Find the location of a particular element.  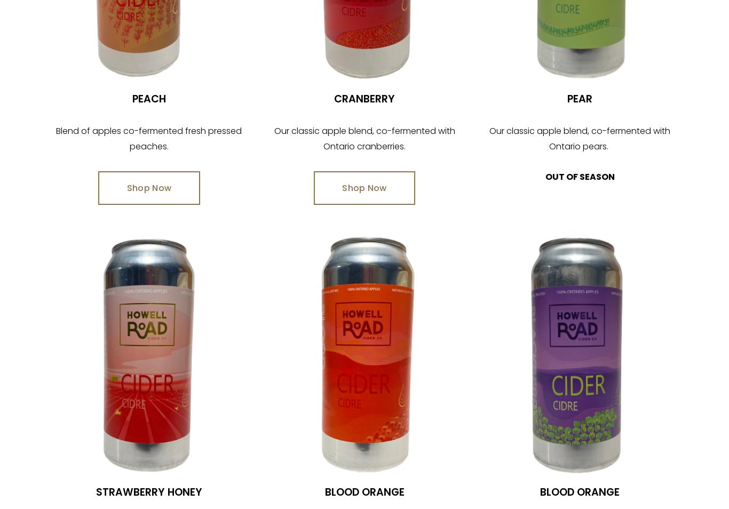

'STRAWBERRY HONEY' is located at coordinates (94, 492).